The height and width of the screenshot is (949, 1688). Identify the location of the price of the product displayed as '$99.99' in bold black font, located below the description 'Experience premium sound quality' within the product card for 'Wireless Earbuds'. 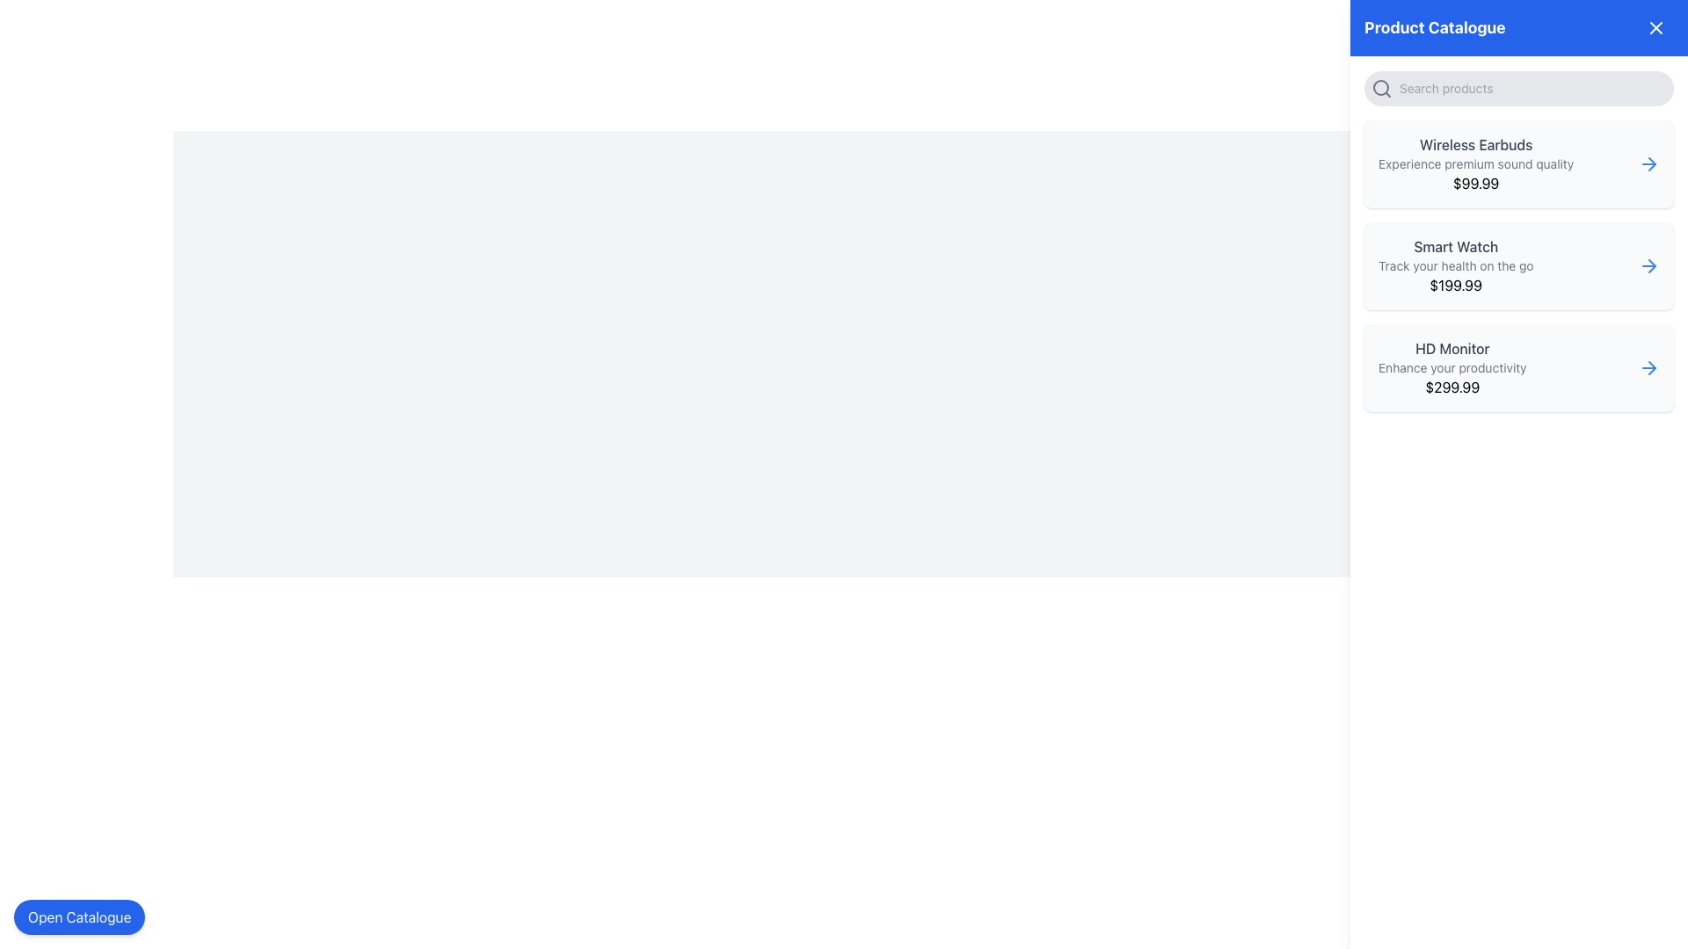
(1476, 183).